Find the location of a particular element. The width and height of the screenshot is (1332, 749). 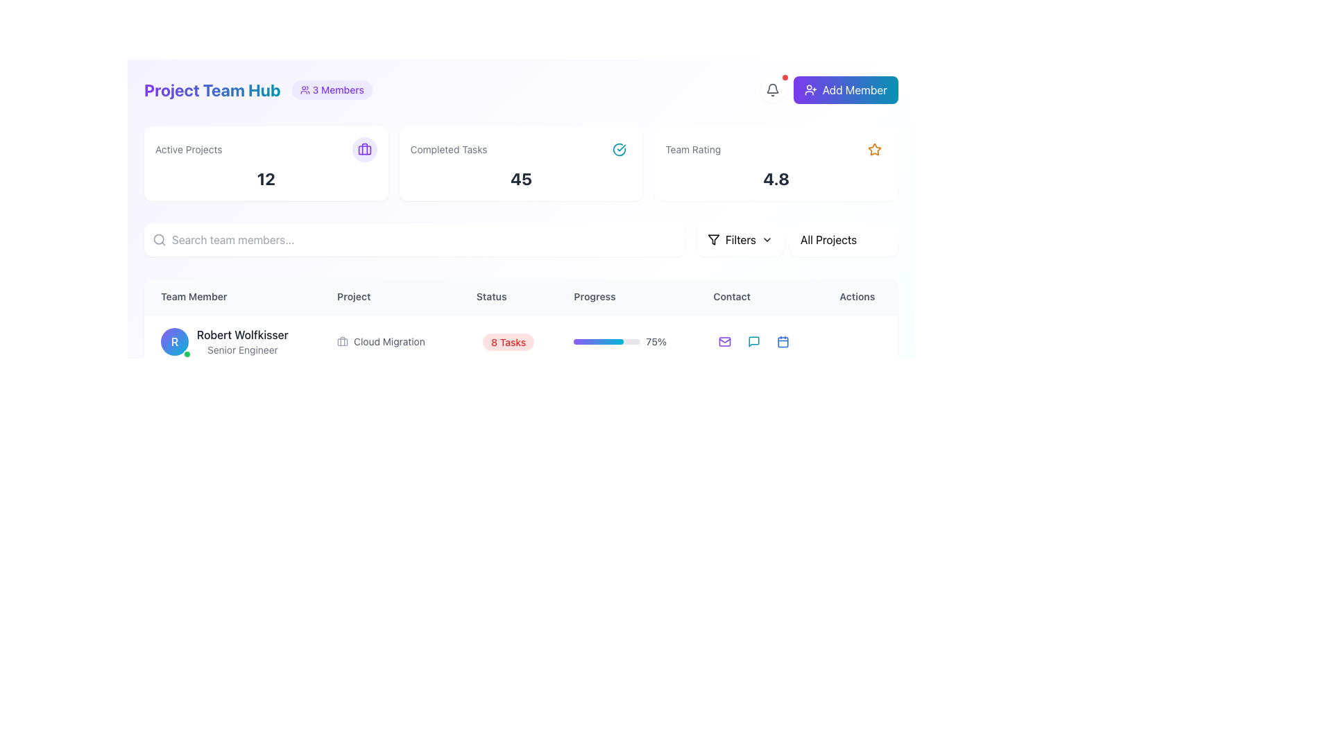

text label 'Actions' which is the sixth item in the header row of the table, aligned with other textual elements is located at coordinates (860, 296).